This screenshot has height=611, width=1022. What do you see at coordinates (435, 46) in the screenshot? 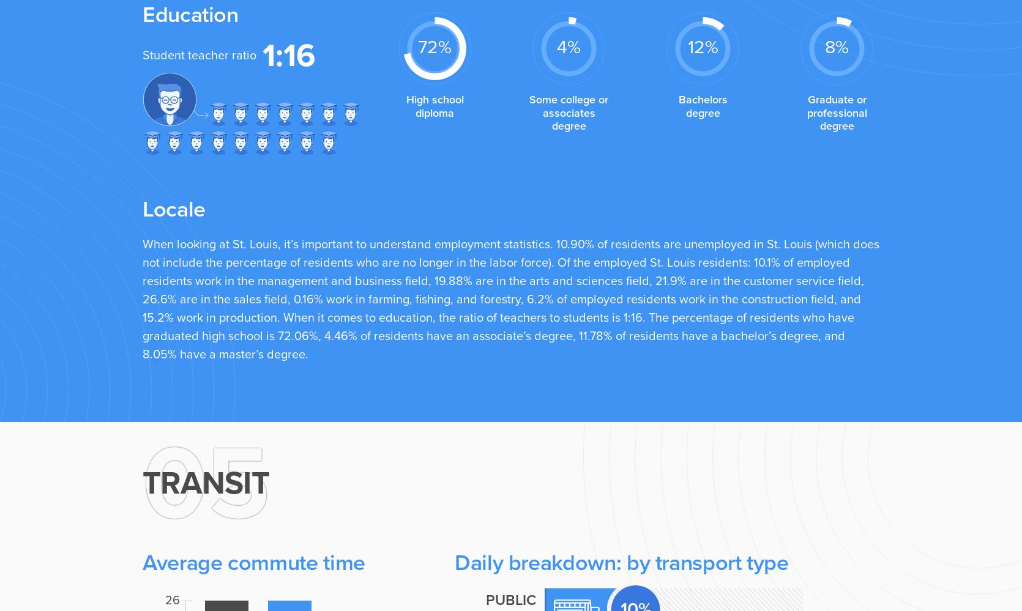
I see `'72%'` at bounding box center [435, 46].